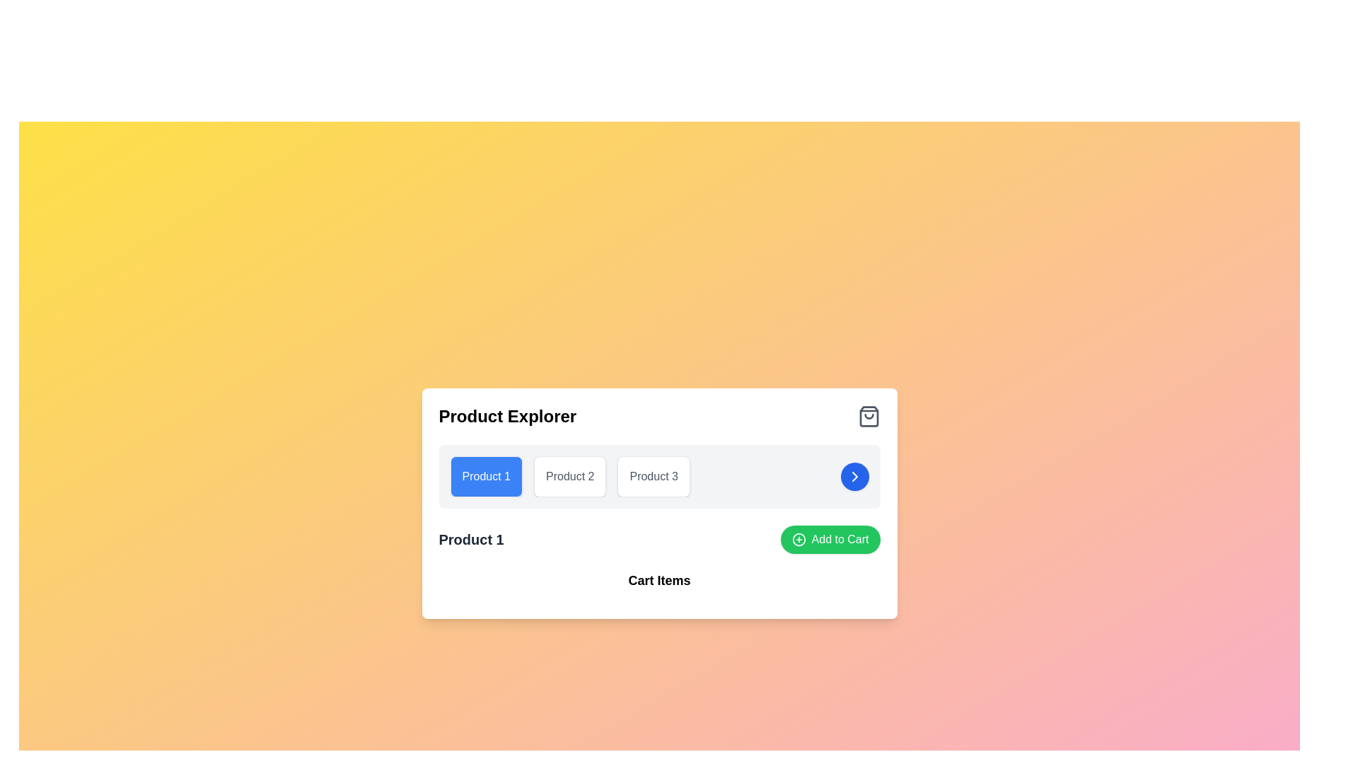 The image size is (1358, 764). What do you see at coordinates (658, 581) in the screenshot?
I see `the 'Cart Items' text label, which is displayed in a bold and slightly larger font size, located below the 'Product Explorer' section` at bounding box center [658, 581].